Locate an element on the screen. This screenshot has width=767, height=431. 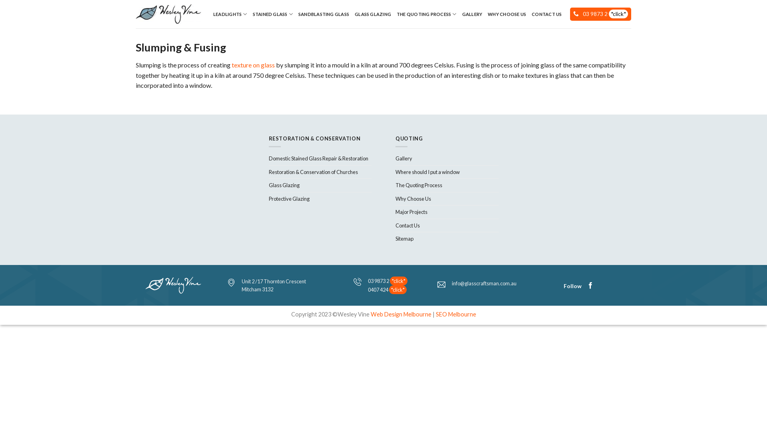
'Contact Us' is located at coordinates (407, 225).